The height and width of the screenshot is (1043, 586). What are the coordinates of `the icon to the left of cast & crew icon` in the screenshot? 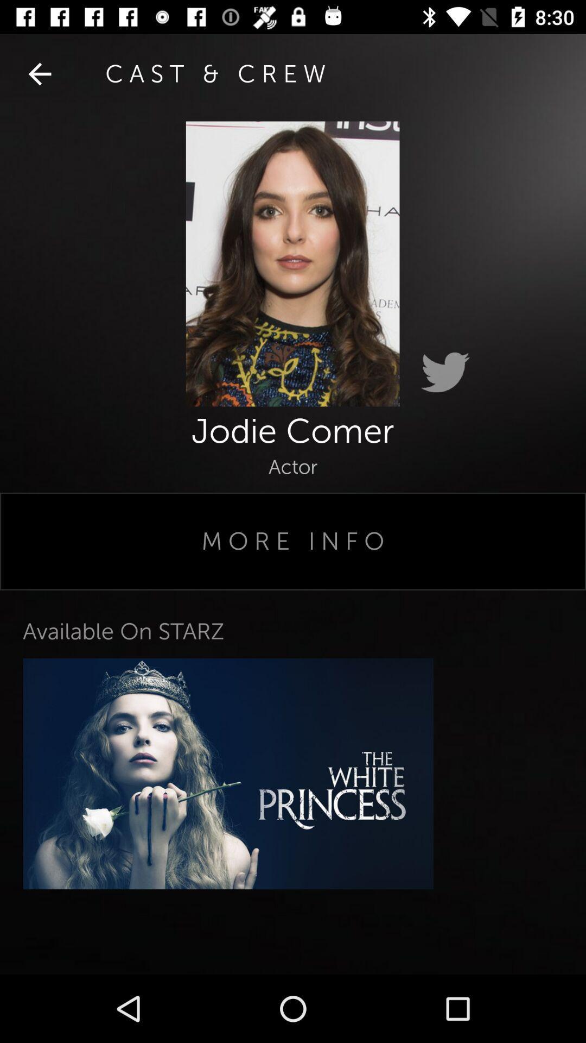 It's located at (39, 73).